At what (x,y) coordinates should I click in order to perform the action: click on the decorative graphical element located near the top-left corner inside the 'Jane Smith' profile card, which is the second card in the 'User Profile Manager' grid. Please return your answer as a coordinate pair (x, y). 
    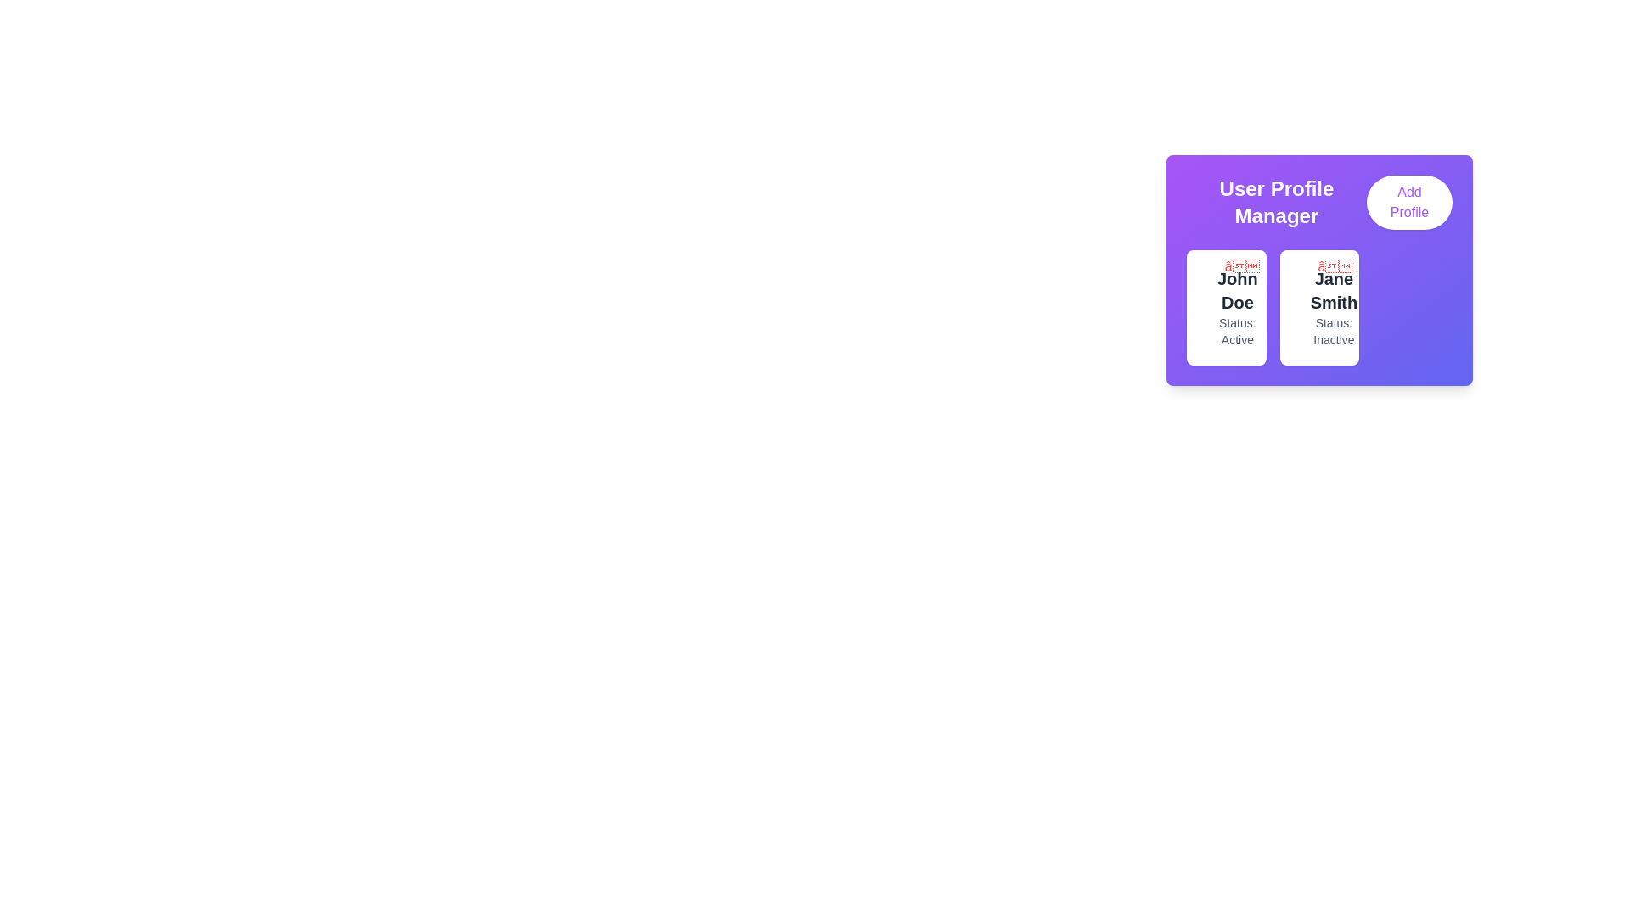
    Looking at the image, I should click on (1306, 297).